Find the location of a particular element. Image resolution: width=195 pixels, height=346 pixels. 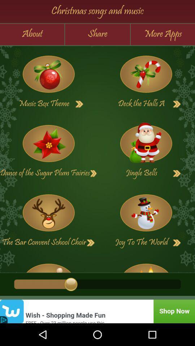

game menu is located at coordinates (48, 143).